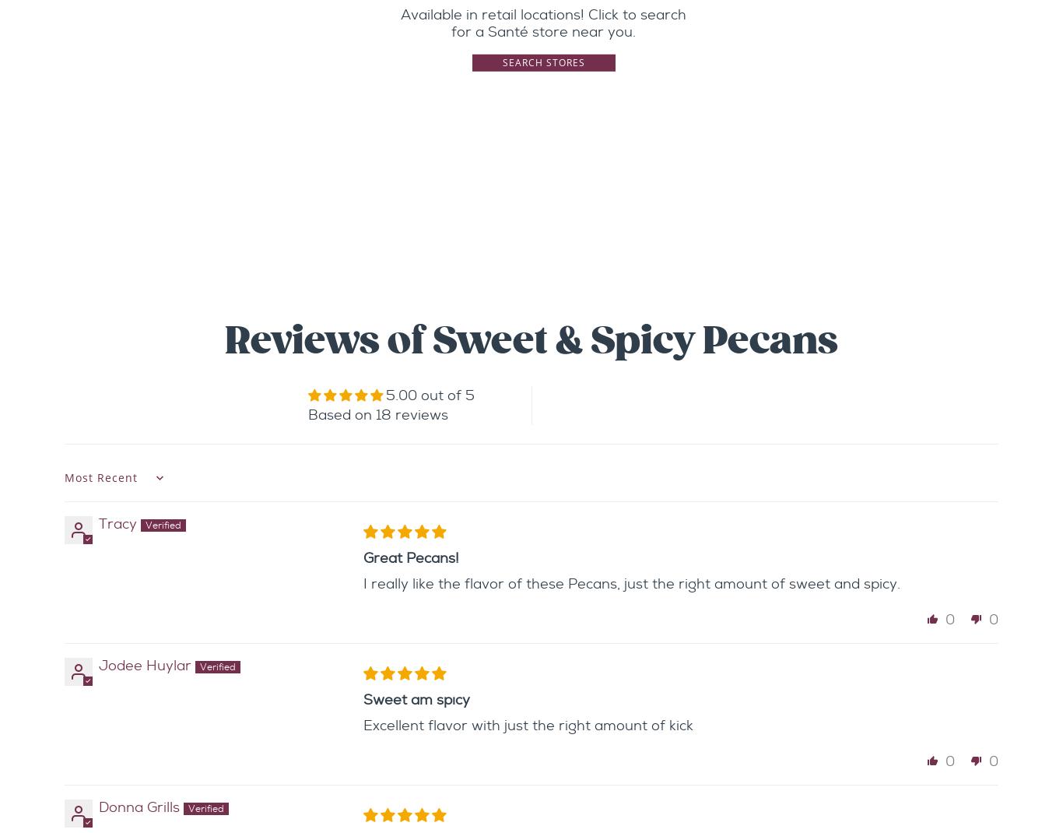 The width and height of the screenshot is (1063, 833). Describe the element at coordinates (531, 339) in the screenshot. I see `'Reviews of Sweet & Spicy Pecans'` at that location.